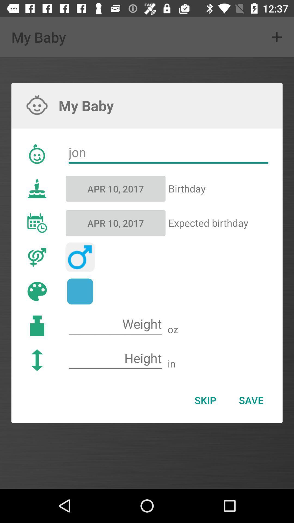 The image size is (294, 523). What do you see at coordinates (251, 400) in the screenshot?
I see `icon below the in icon` at bounding box center [251, 400].